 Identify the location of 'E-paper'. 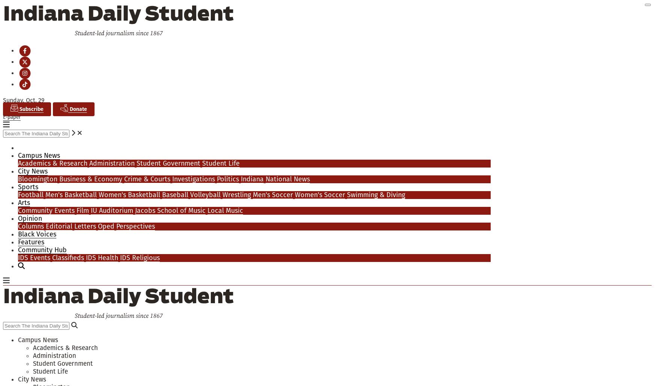
(11, 116).